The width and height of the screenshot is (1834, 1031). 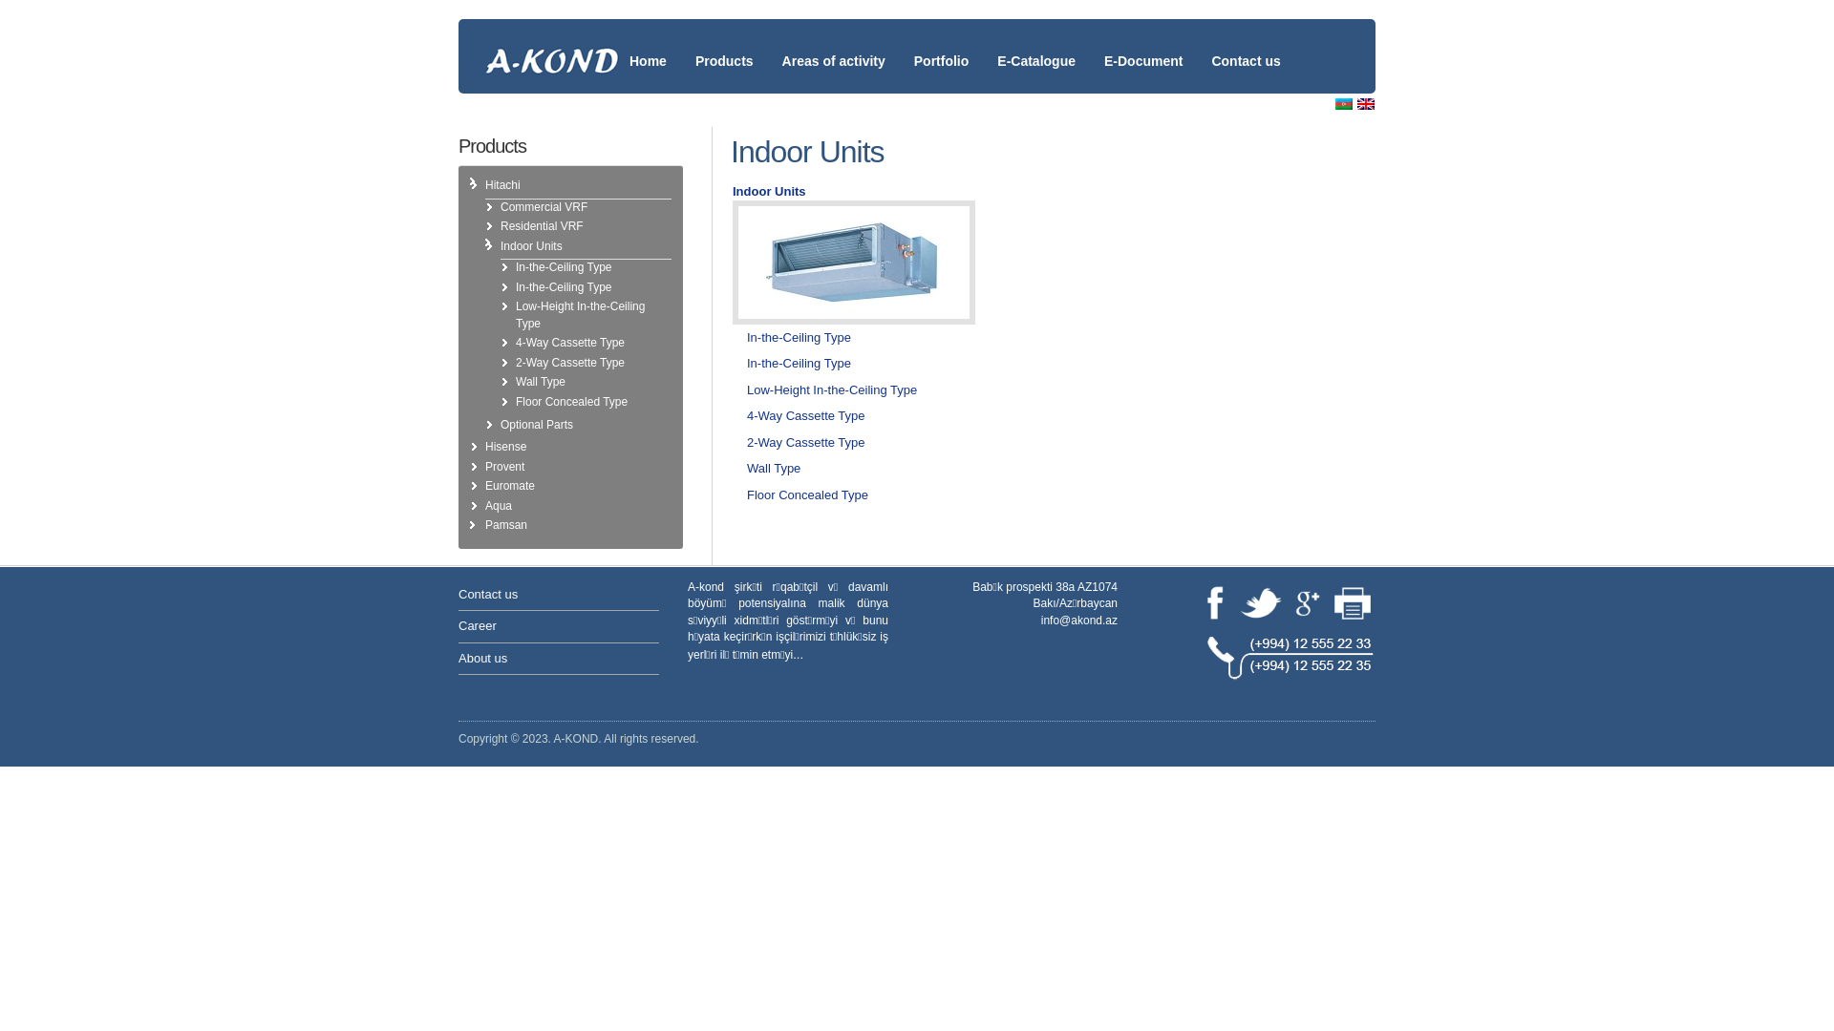 I want to click on 'About us', so click(x=482, y=657).